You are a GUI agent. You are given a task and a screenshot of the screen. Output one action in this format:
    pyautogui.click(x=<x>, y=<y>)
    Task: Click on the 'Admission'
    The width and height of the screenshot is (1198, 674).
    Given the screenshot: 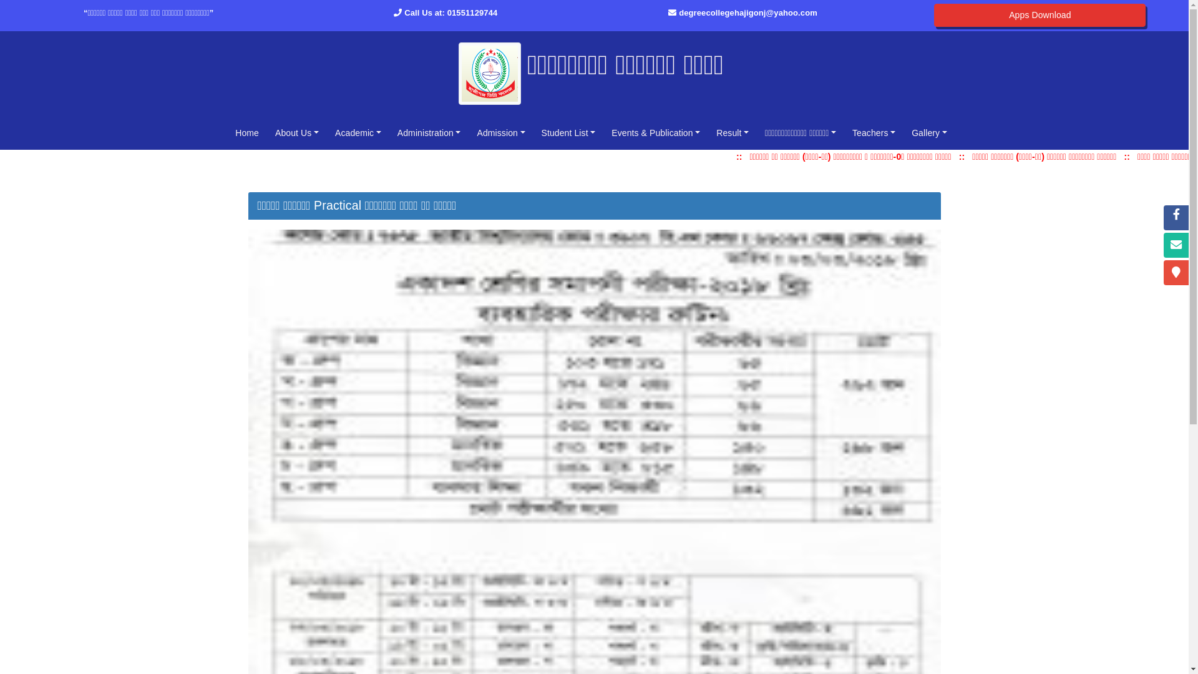 What is the action you would take?
    pyautogui.click(x=470, y=132)
    